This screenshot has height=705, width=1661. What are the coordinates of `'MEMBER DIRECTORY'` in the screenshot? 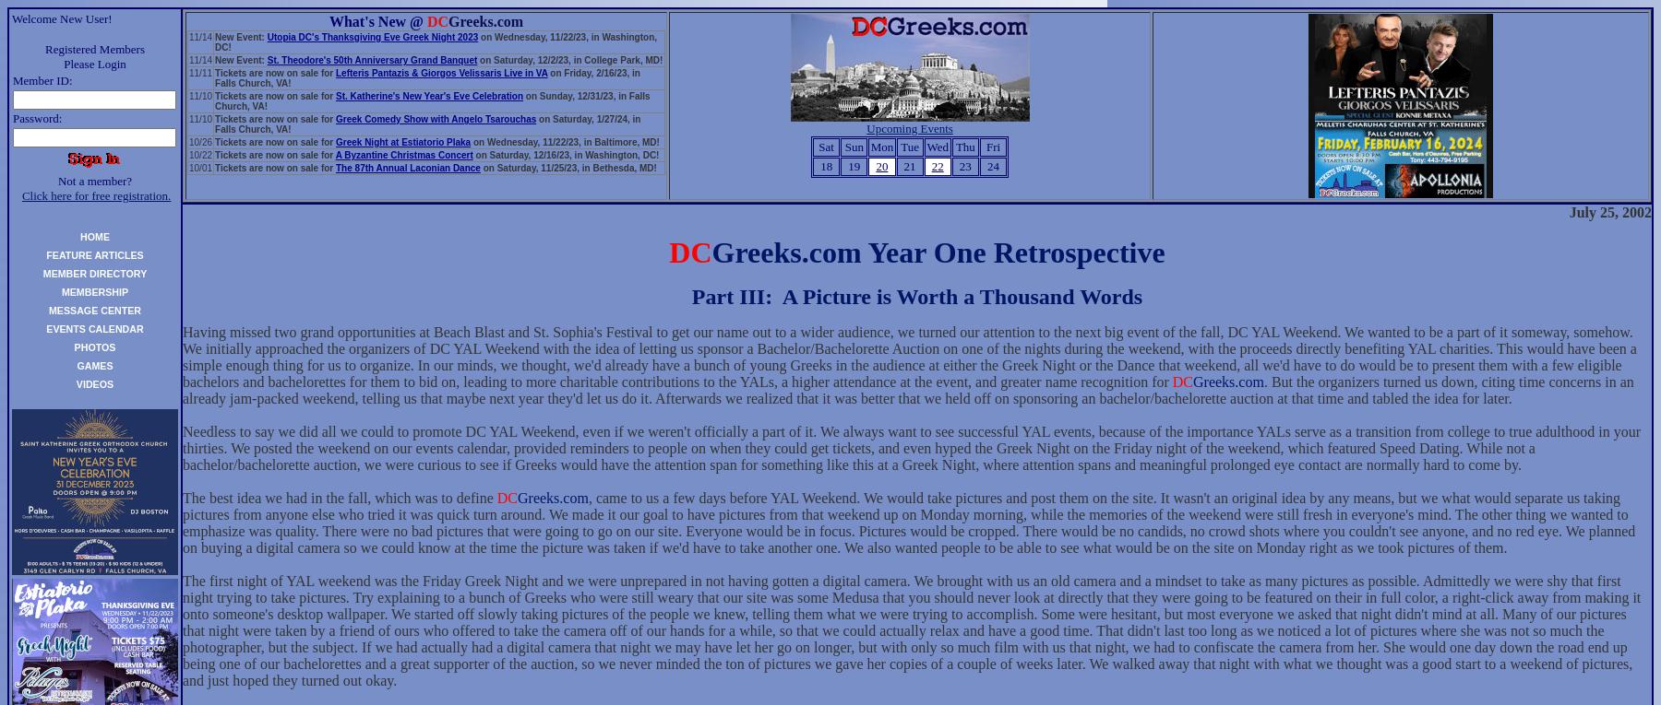 It's located at (93, 272).